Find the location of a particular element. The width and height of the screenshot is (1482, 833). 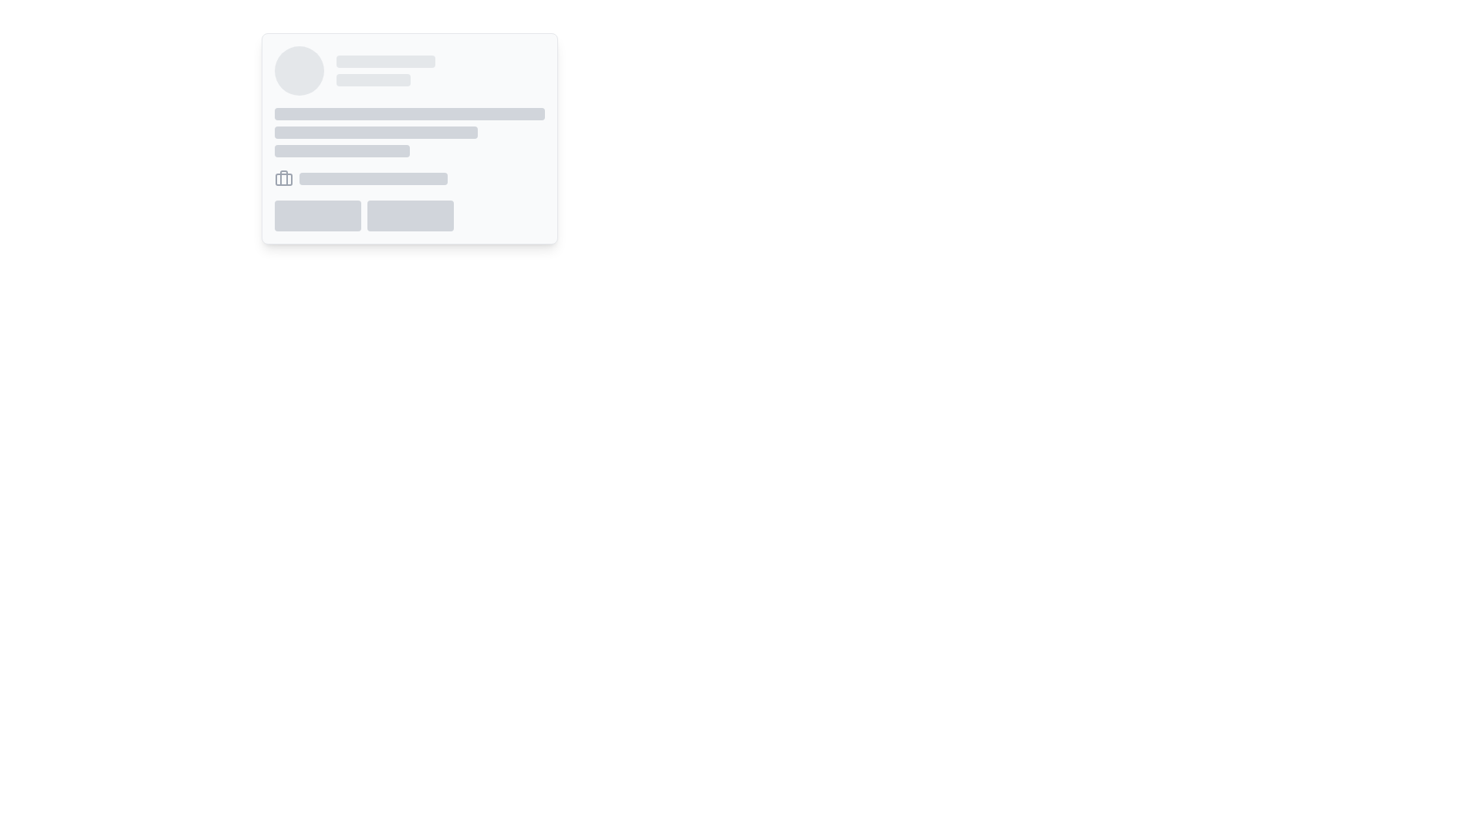

the graphical placeholder that serves as a visual divider located between a wider bar above and a smaller bar below is located at coordinates (376, 132).